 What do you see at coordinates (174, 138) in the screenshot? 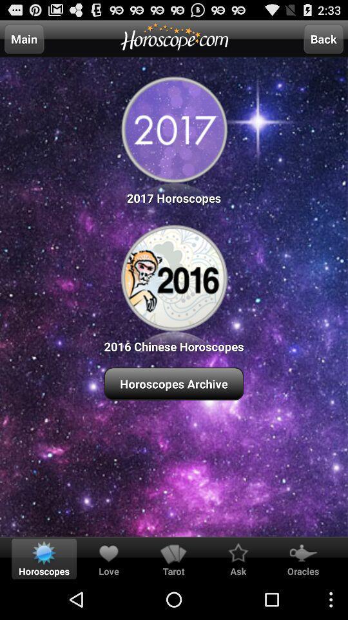
I see `the 2017 horoscopes icon` at bounding box center [174, 138].